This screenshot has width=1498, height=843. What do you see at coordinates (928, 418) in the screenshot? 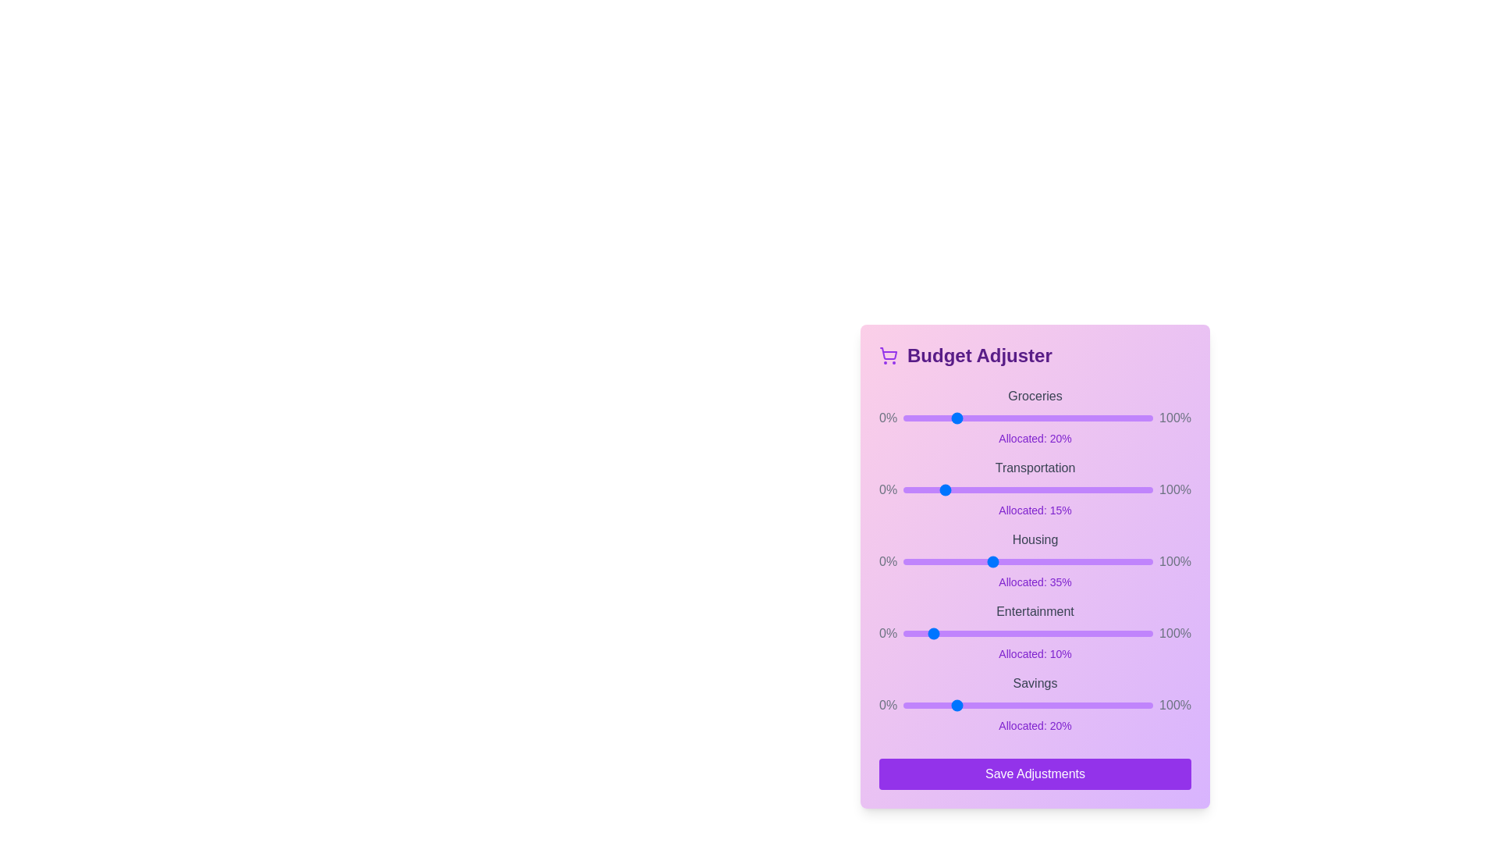
I see `the slider for a specific category to set its allocation to 10%` at bounding box center [928, 418].